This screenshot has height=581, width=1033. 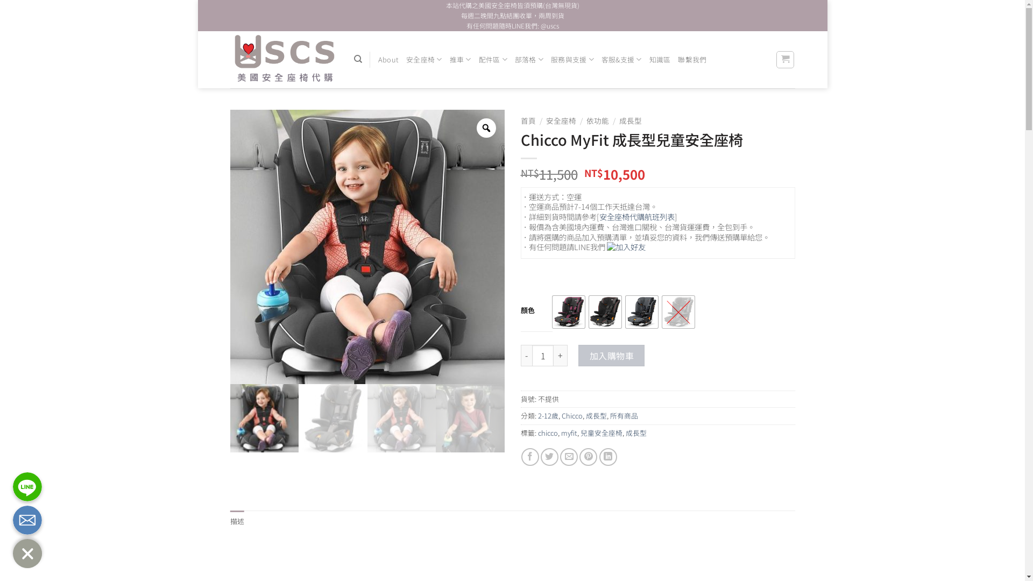 What do you see at coordinates (571, 415) in the screenshot?
I see `'Chicco'` at bounding box center [571, 415].